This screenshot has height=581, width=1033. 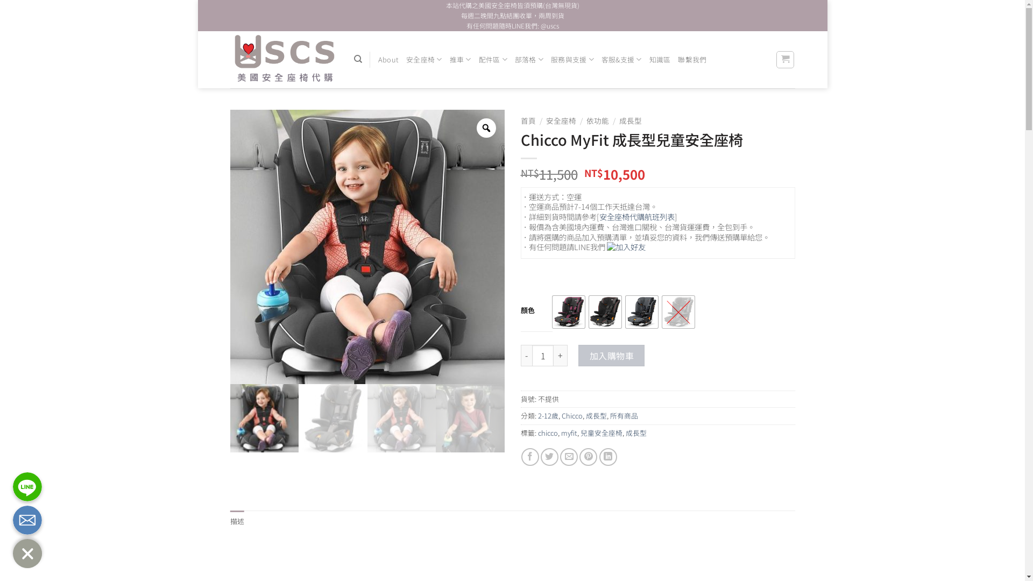 What do you see at coordinates (571, 415) in the screenshot?
I see `'Chicco'` at bounding box center [571, 415].